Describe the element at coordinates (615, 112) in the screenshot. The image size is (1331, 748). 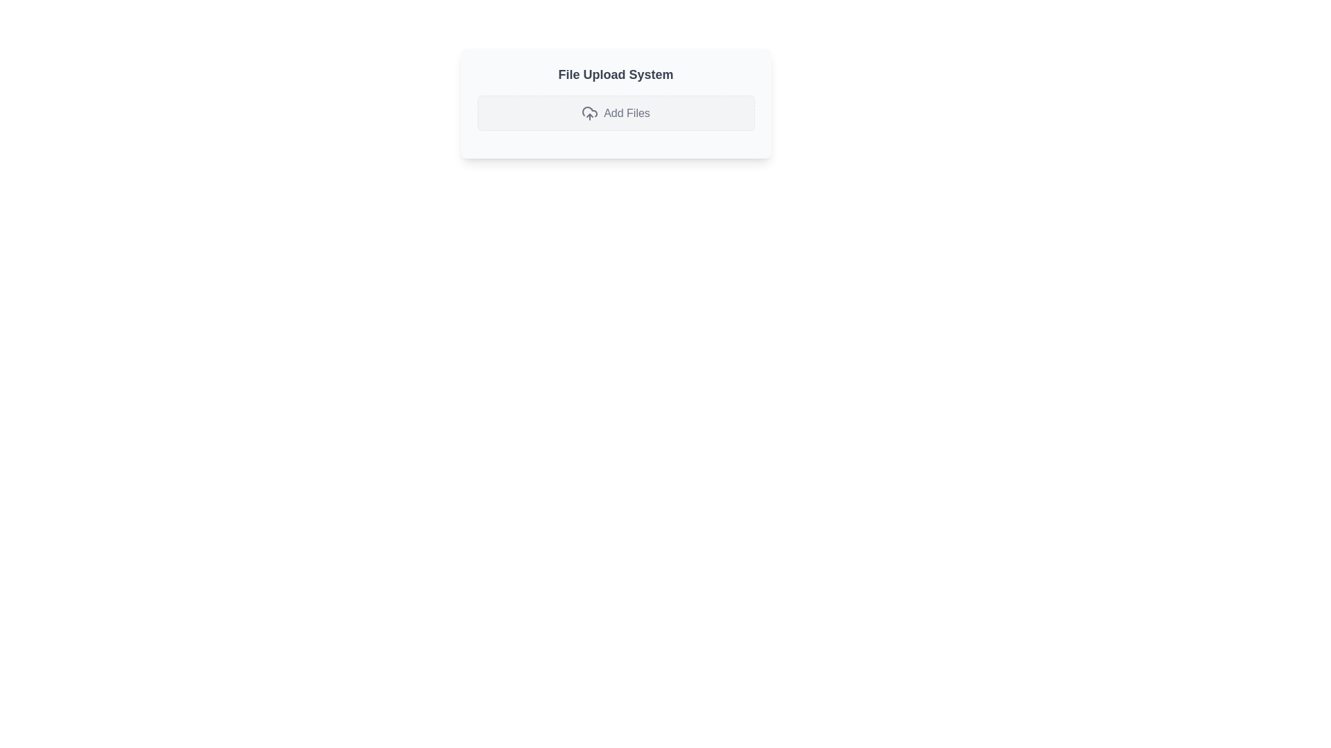
I see `the 'Add Files' button, which is a rectangular button with a dashed border and a light gray background, to observe the hover effect` at that location.